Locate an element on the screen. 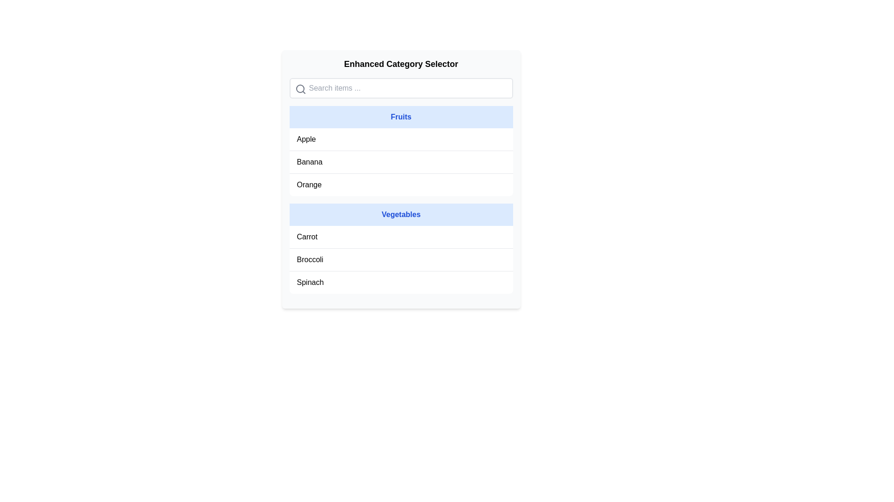  the list item labeled 'Carrot' is located at coordinates (401, 237).